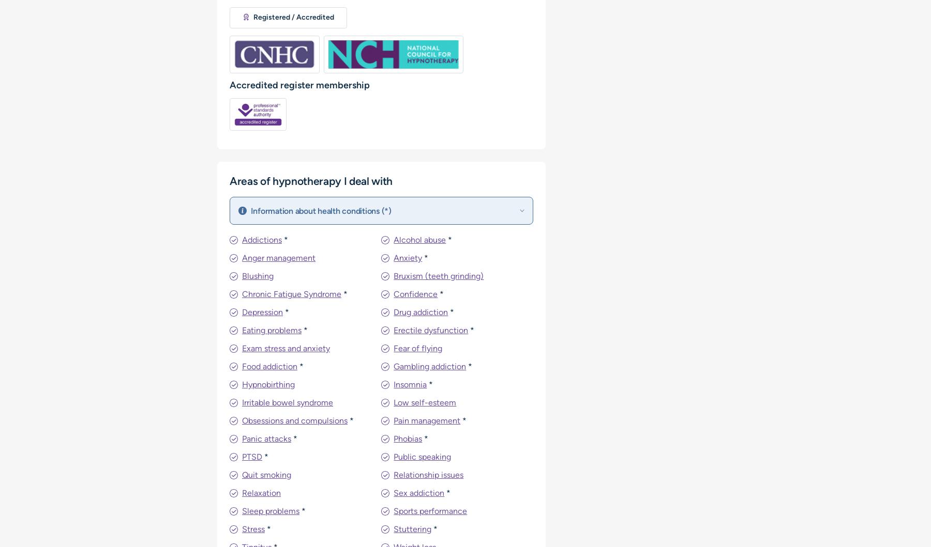 This screenshot has height=547, width=931. Describe the element at coordinates (408, 258) in the screenshot. I see `'Anxiety'` at that location.